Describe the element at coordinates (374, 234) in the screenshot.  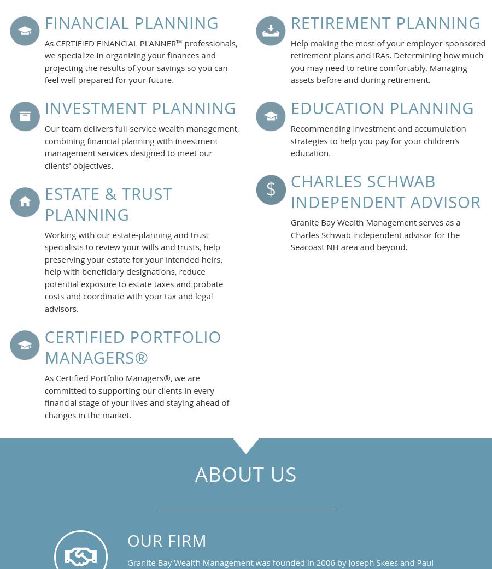
I see `'Granite Bay Wealth Management serves as a Charles Schwab independent advisor for the Seacoast NH area and beyond.'` at that location.